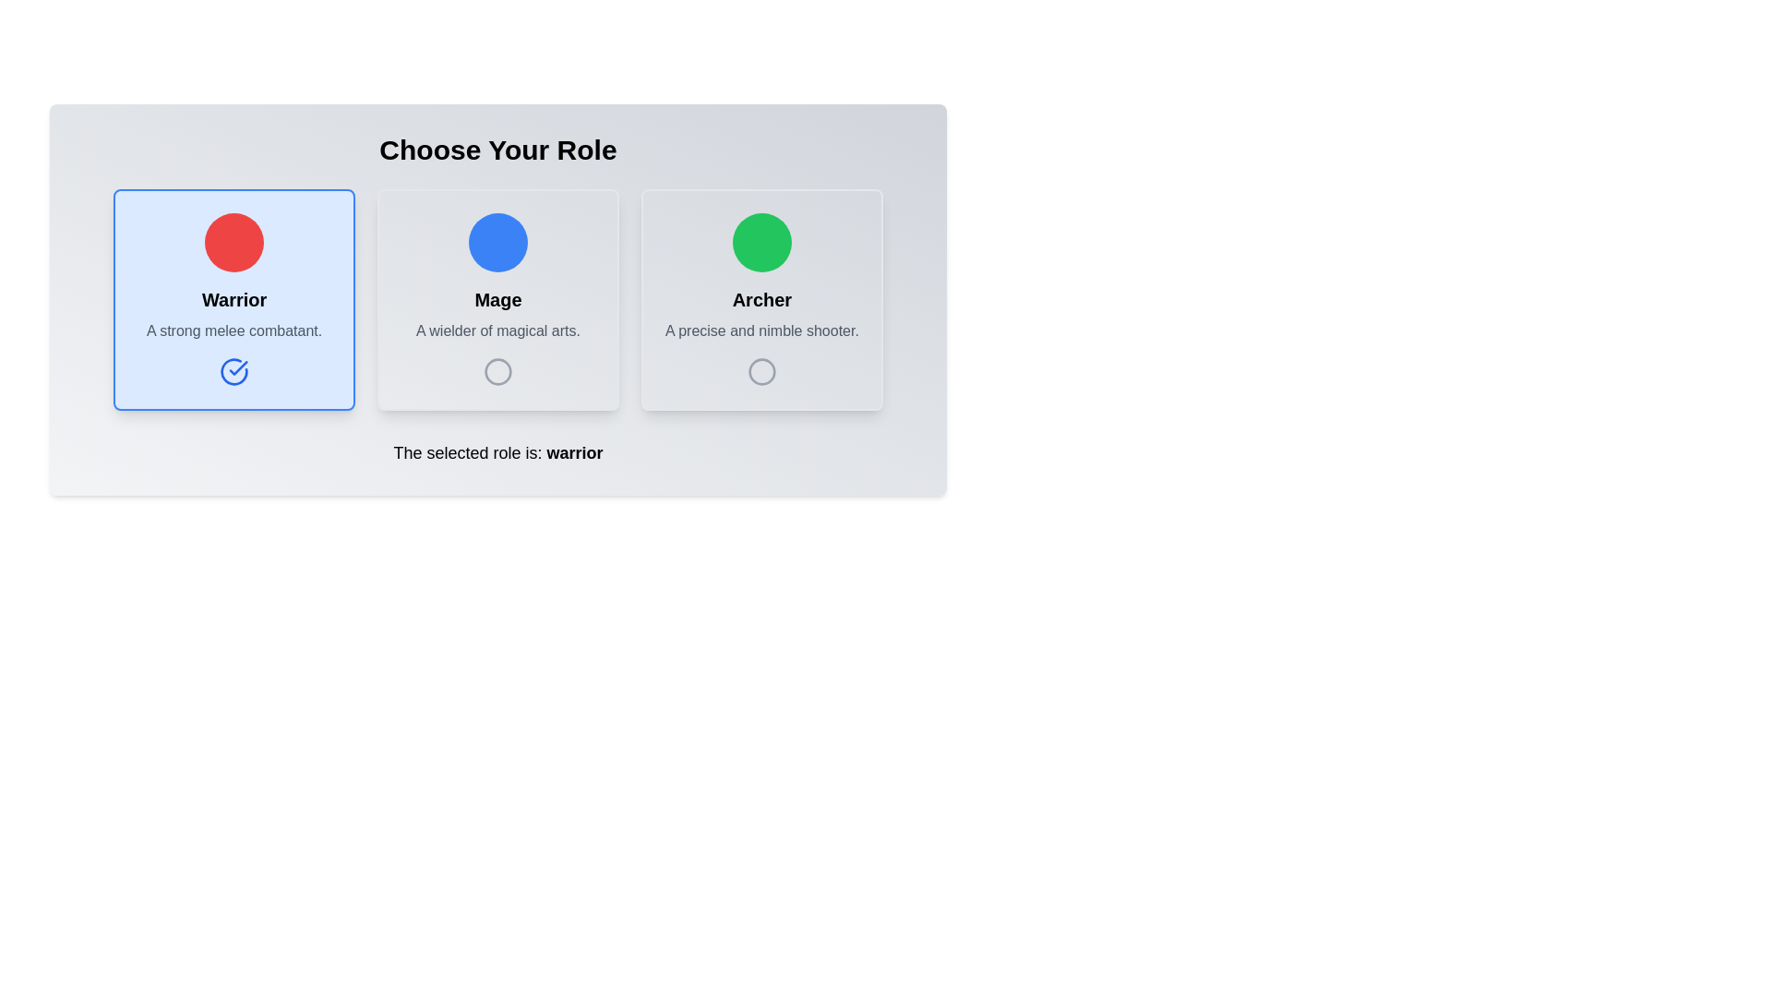 This screenshot has width=1772, height=997. I want to click on the visual state of the Icon with a blue checkmark representing the selection of the 'Warrior' card in the 'Choose Your Role' selection panel, so click(233, 371).